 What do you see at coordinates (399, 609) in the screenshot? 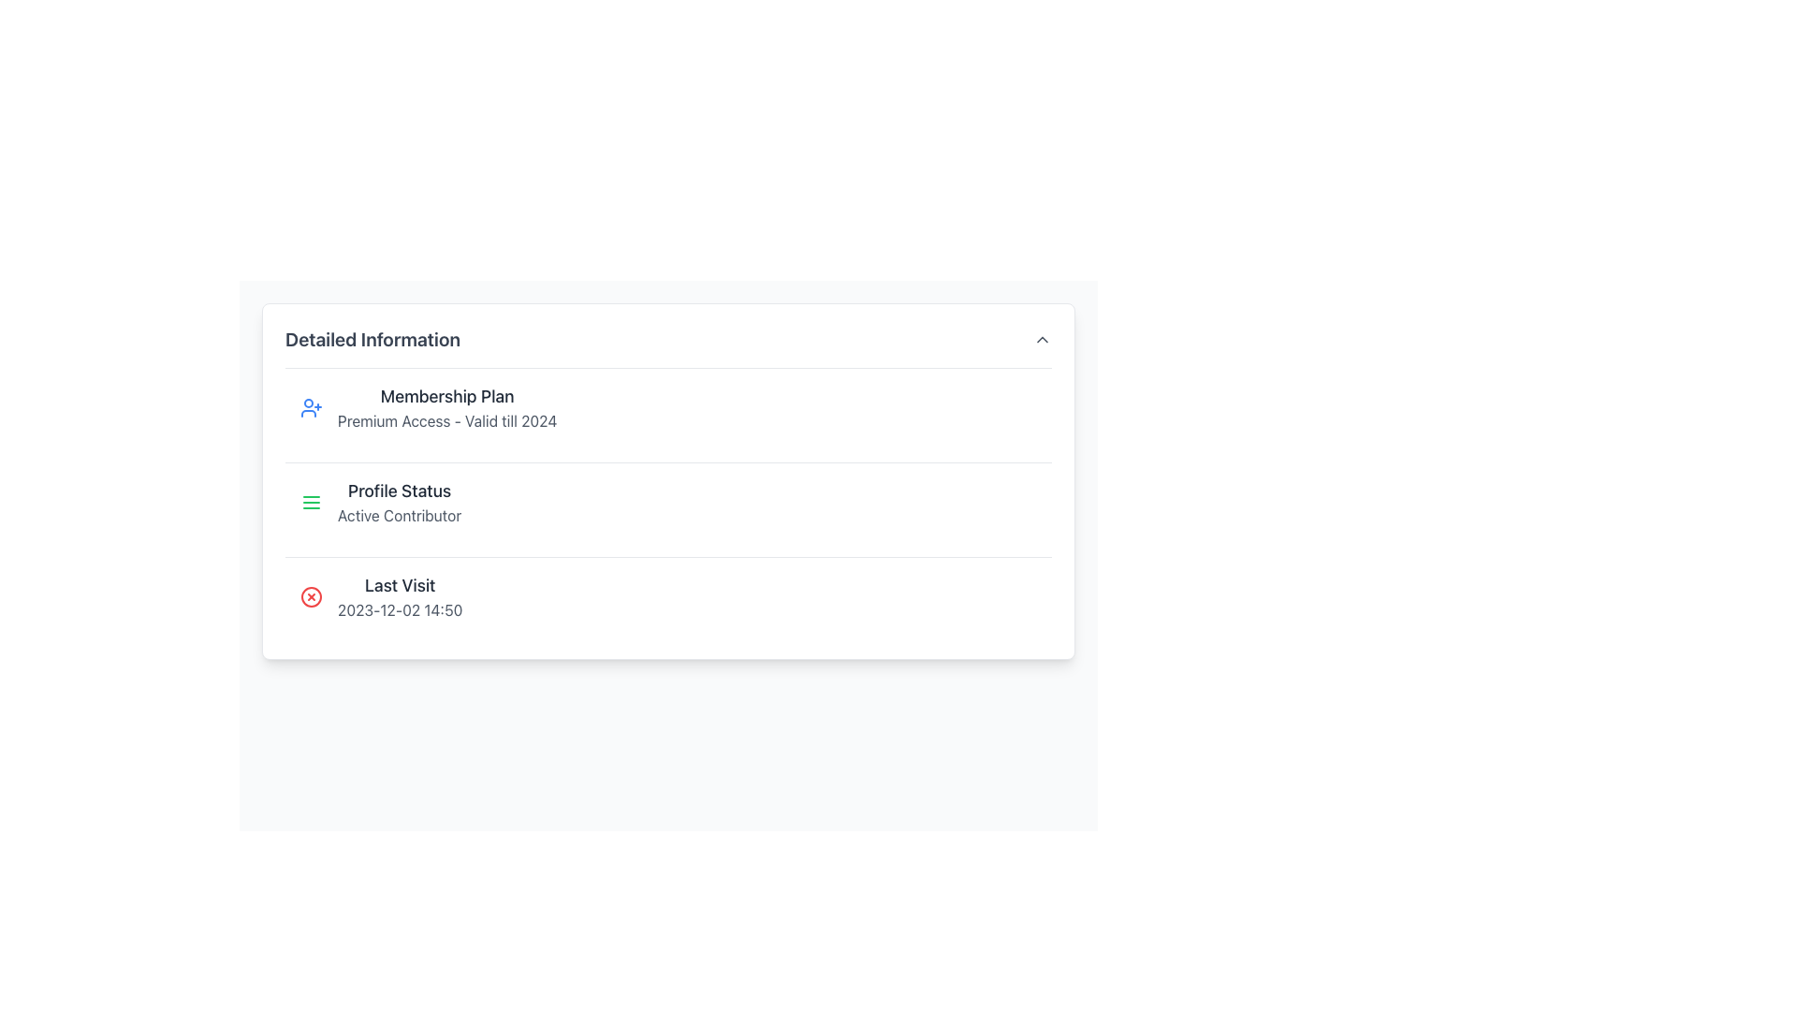
I see `the Text label displaying the date and time of the last visit located in the 'Detailed Information' section under the 'Last Visit' label` at bounding box center [399, 609].